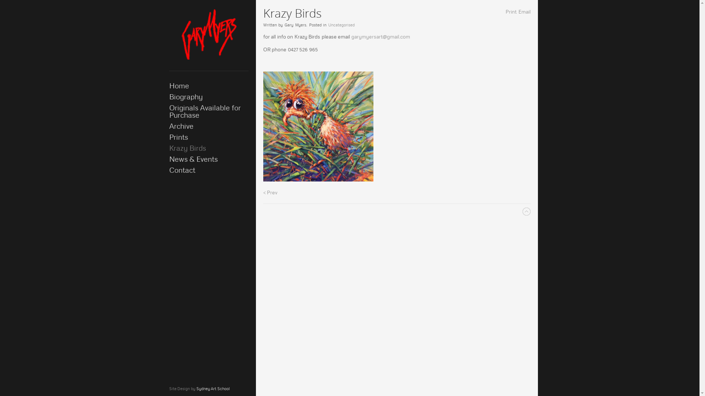  I want to click on 'Originals Available for Purchase', so click(169, 111).